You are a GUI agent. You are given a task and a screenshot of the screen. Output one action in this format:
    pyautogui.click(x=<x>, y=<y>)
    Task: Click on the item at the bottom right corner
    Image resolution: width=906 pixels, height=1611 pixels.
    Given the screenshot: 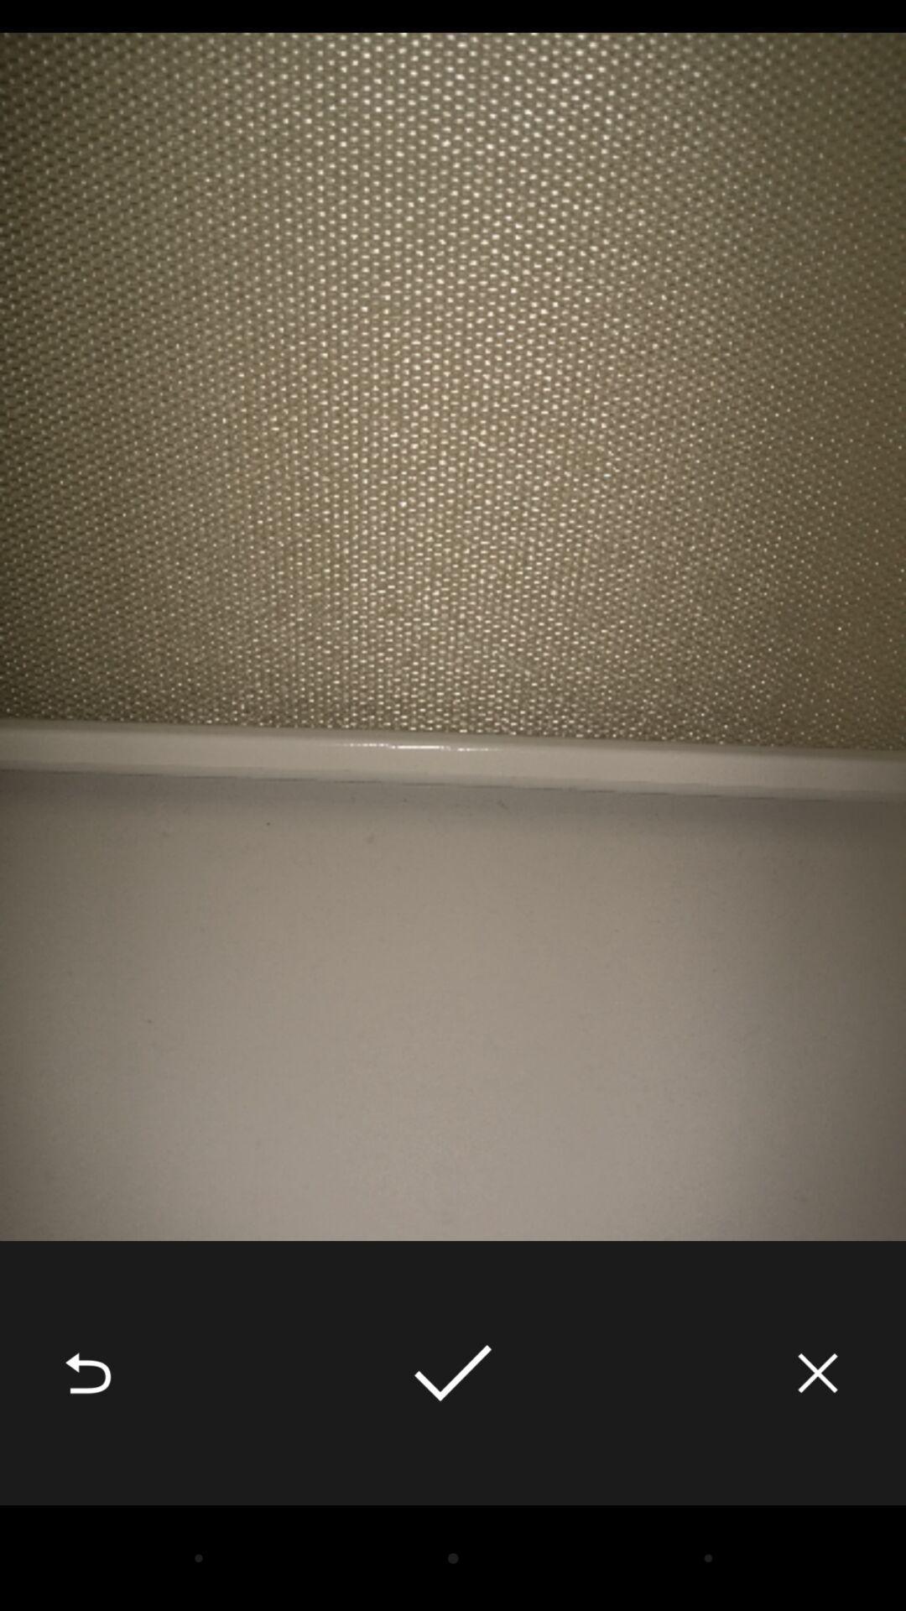 What is the action you would take?
    pyautogui.click(x=817, y=1373)
    